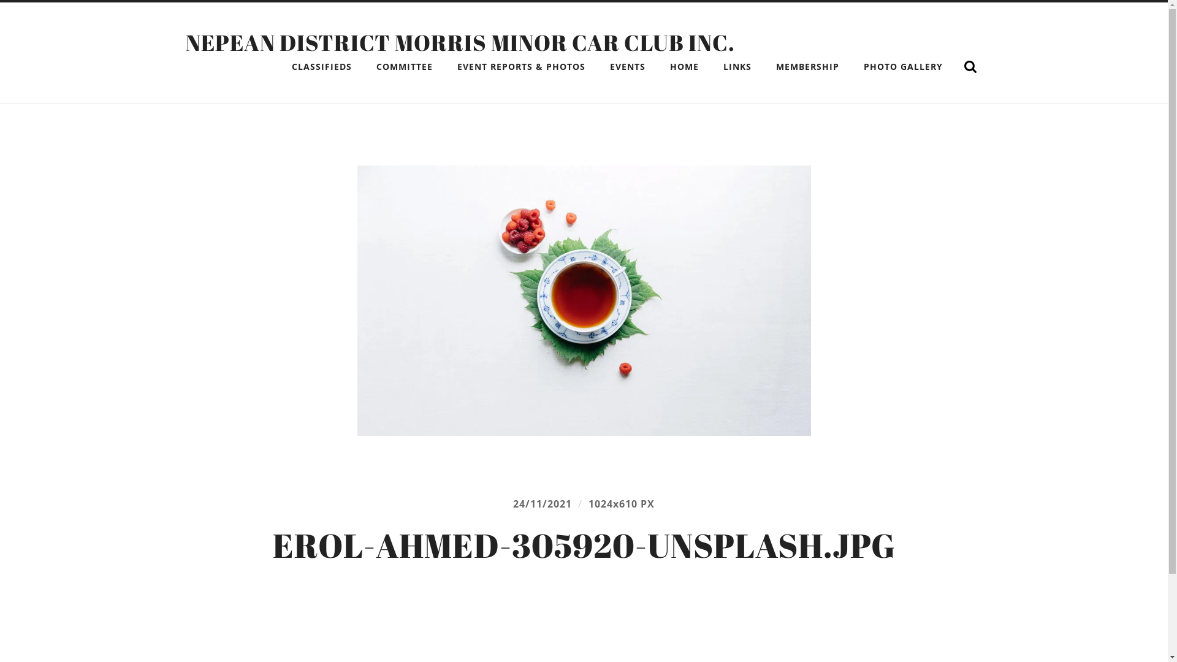 The image size is (1177, 662). I want to click on 'PHOTO GALLERY', so click(903, 66).